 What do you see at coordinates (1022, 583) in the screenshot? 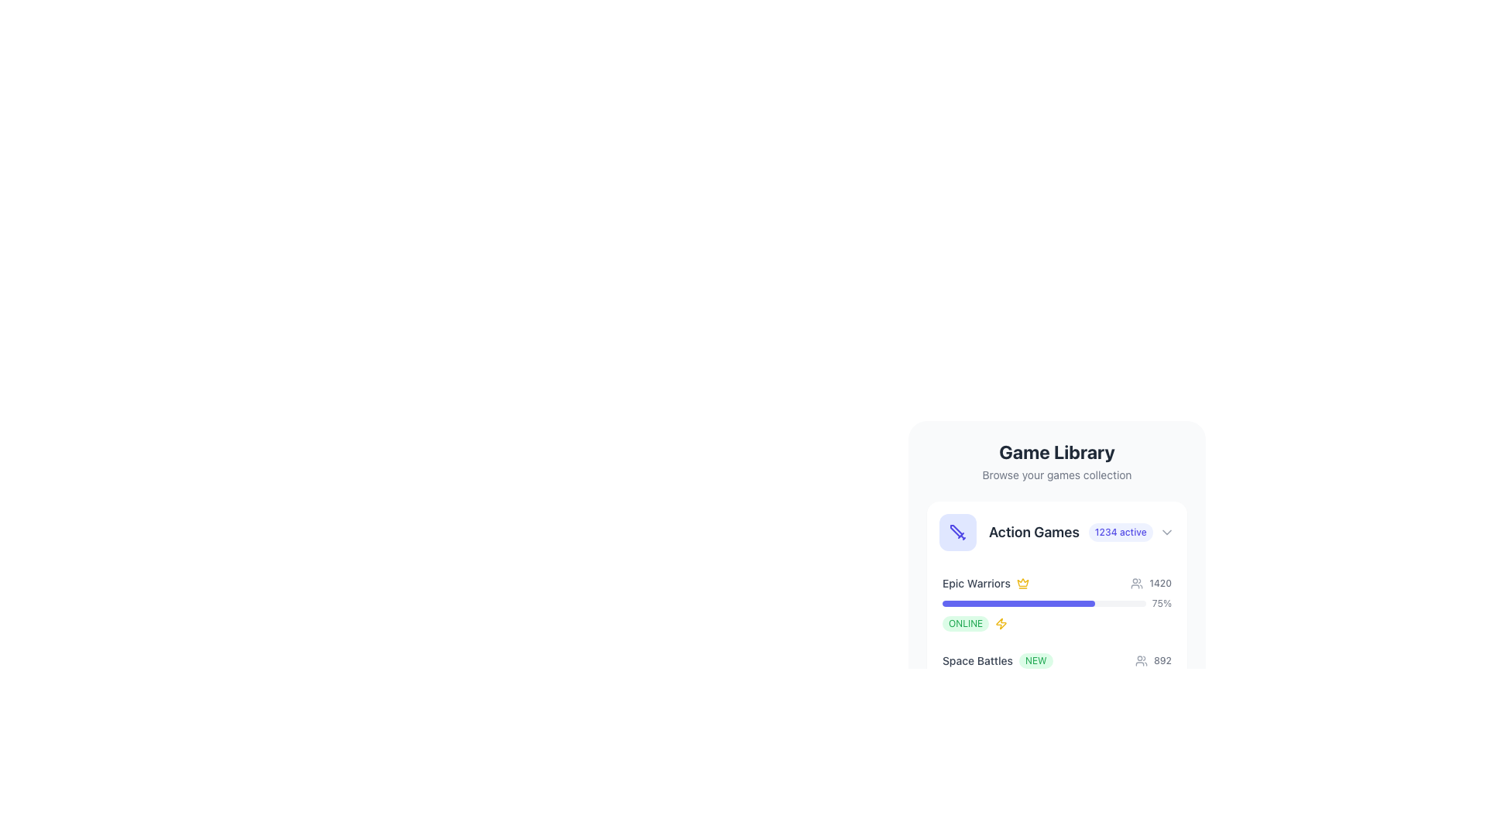
I see `the crown icon that signifies notable or premium status for the game 'Epic Warriors', located to the right of the game title in the 'Action Games' section of the 'Game Library'` at bounding box center [1022, 583].